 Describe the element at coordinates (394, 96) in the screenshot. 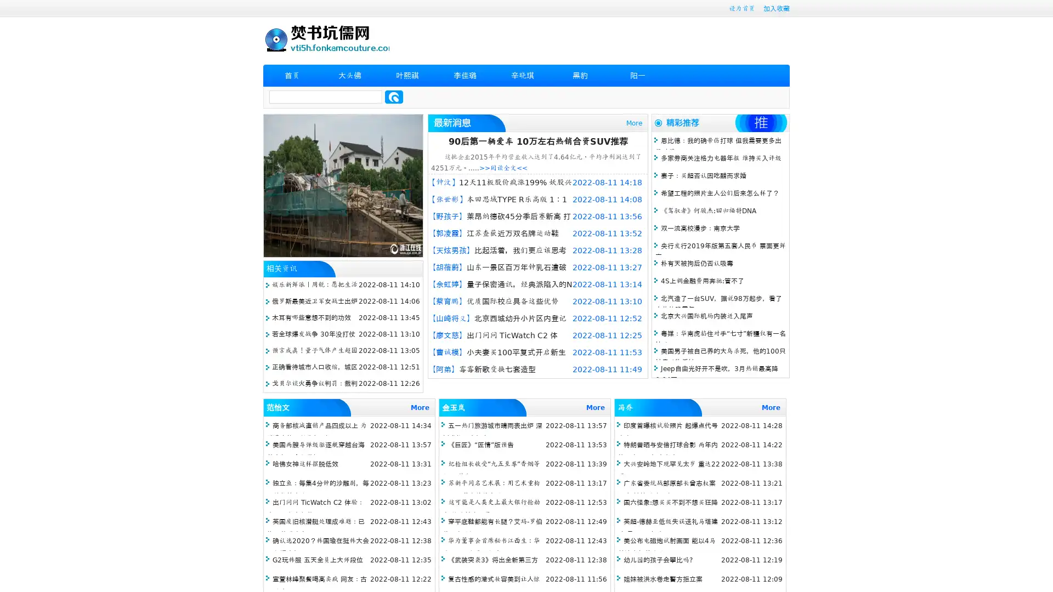

I see `Search` at that location.